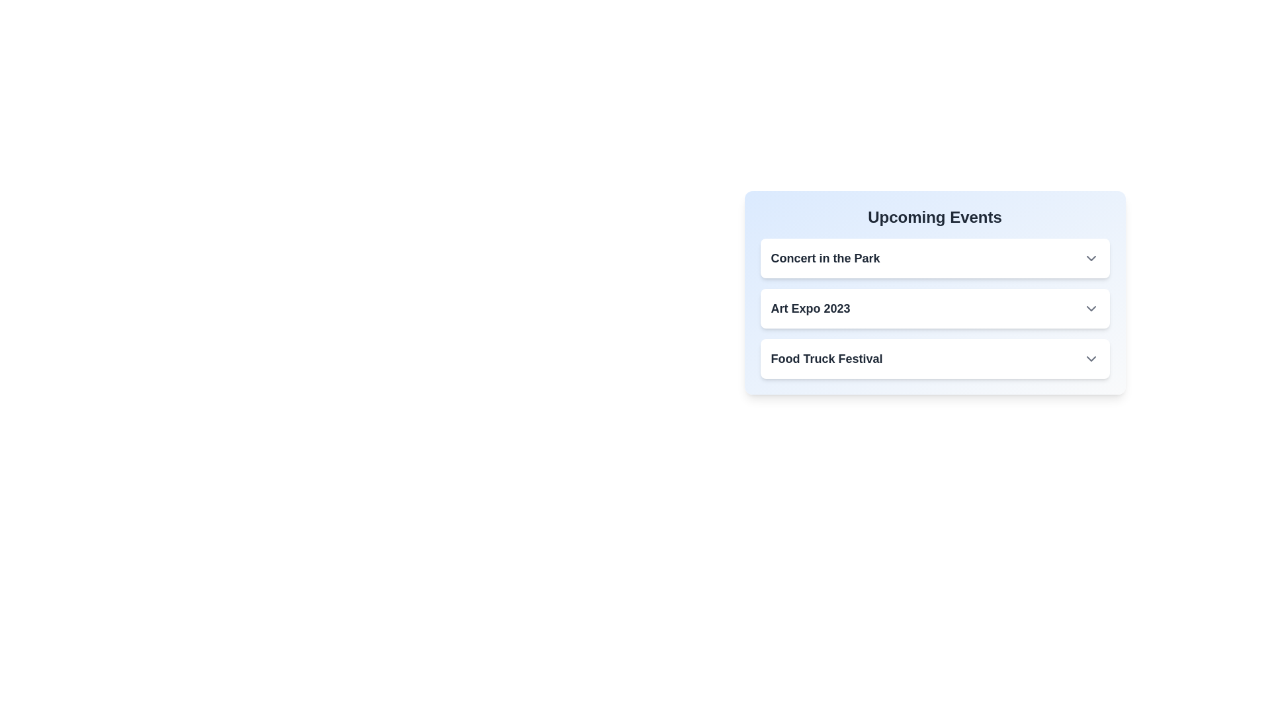  I want to click on the event title Concert in the Park to toggle its expanded state, so click(825, 258).